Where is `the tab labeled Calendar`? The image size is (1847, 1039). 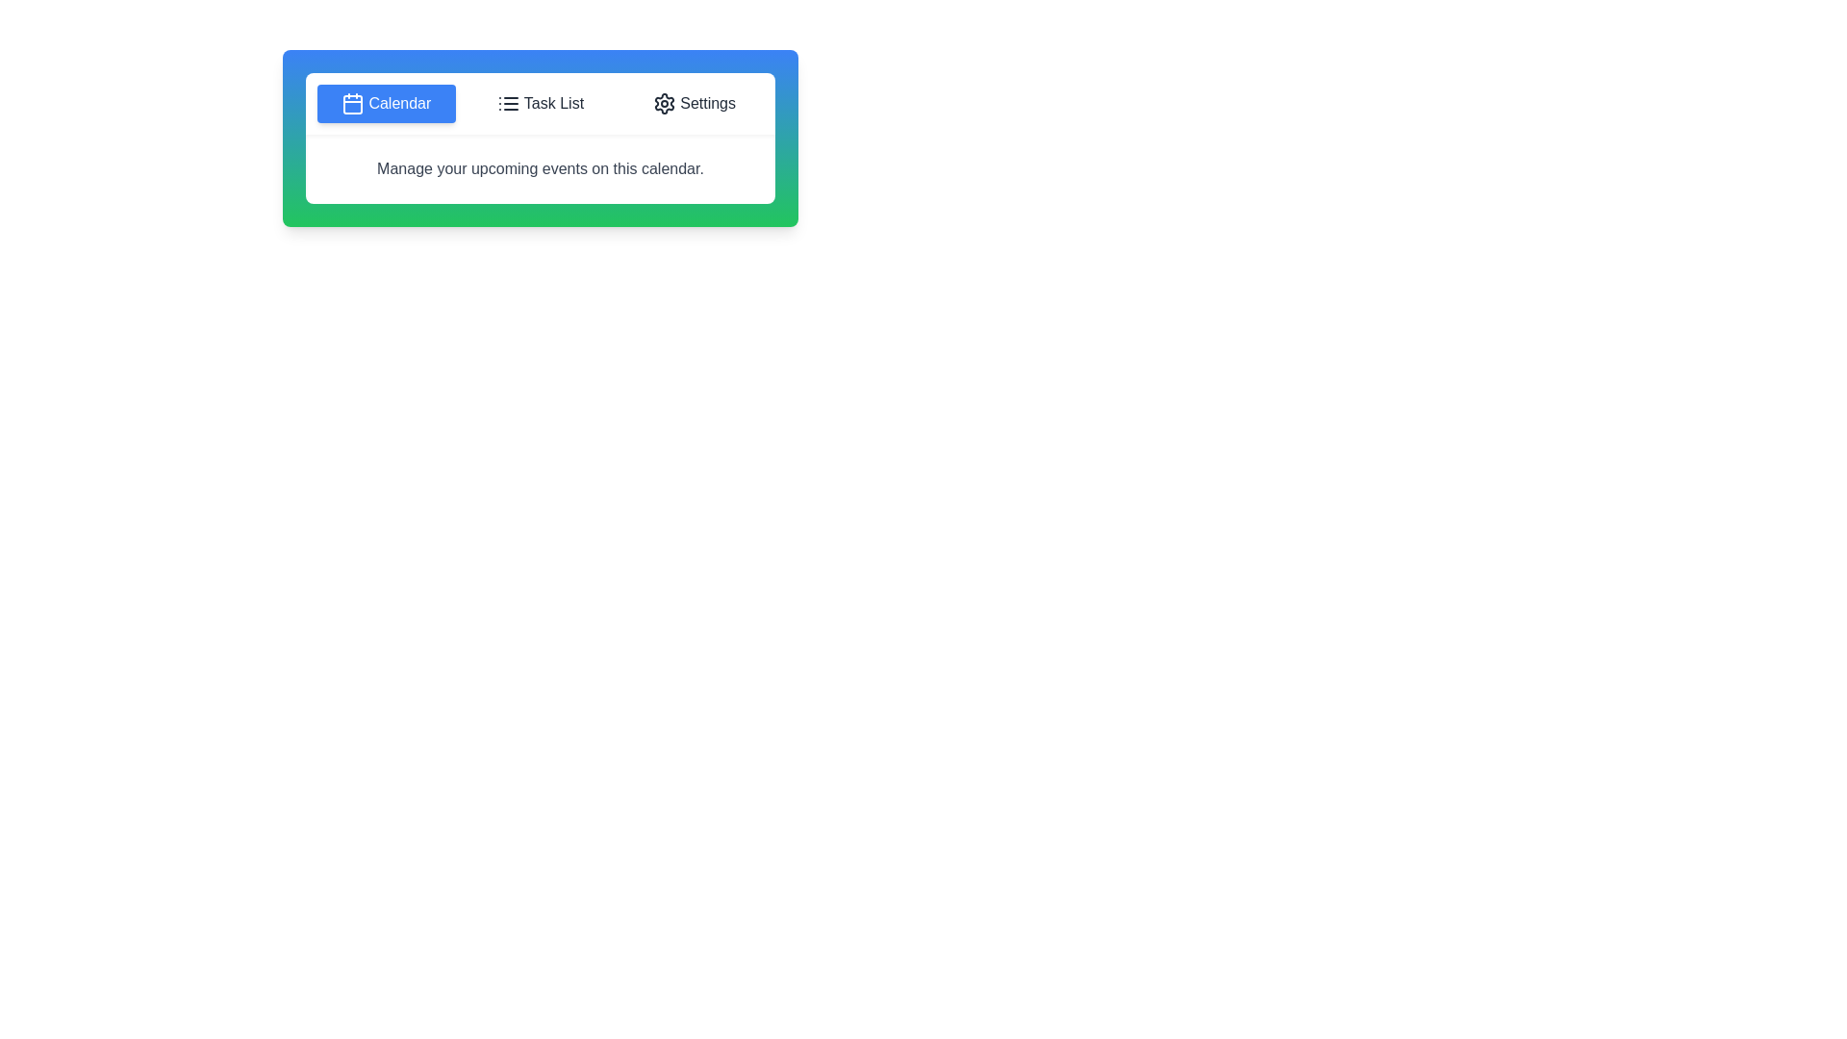 the tab labeled Calendar is located at coordinates (385, 104).